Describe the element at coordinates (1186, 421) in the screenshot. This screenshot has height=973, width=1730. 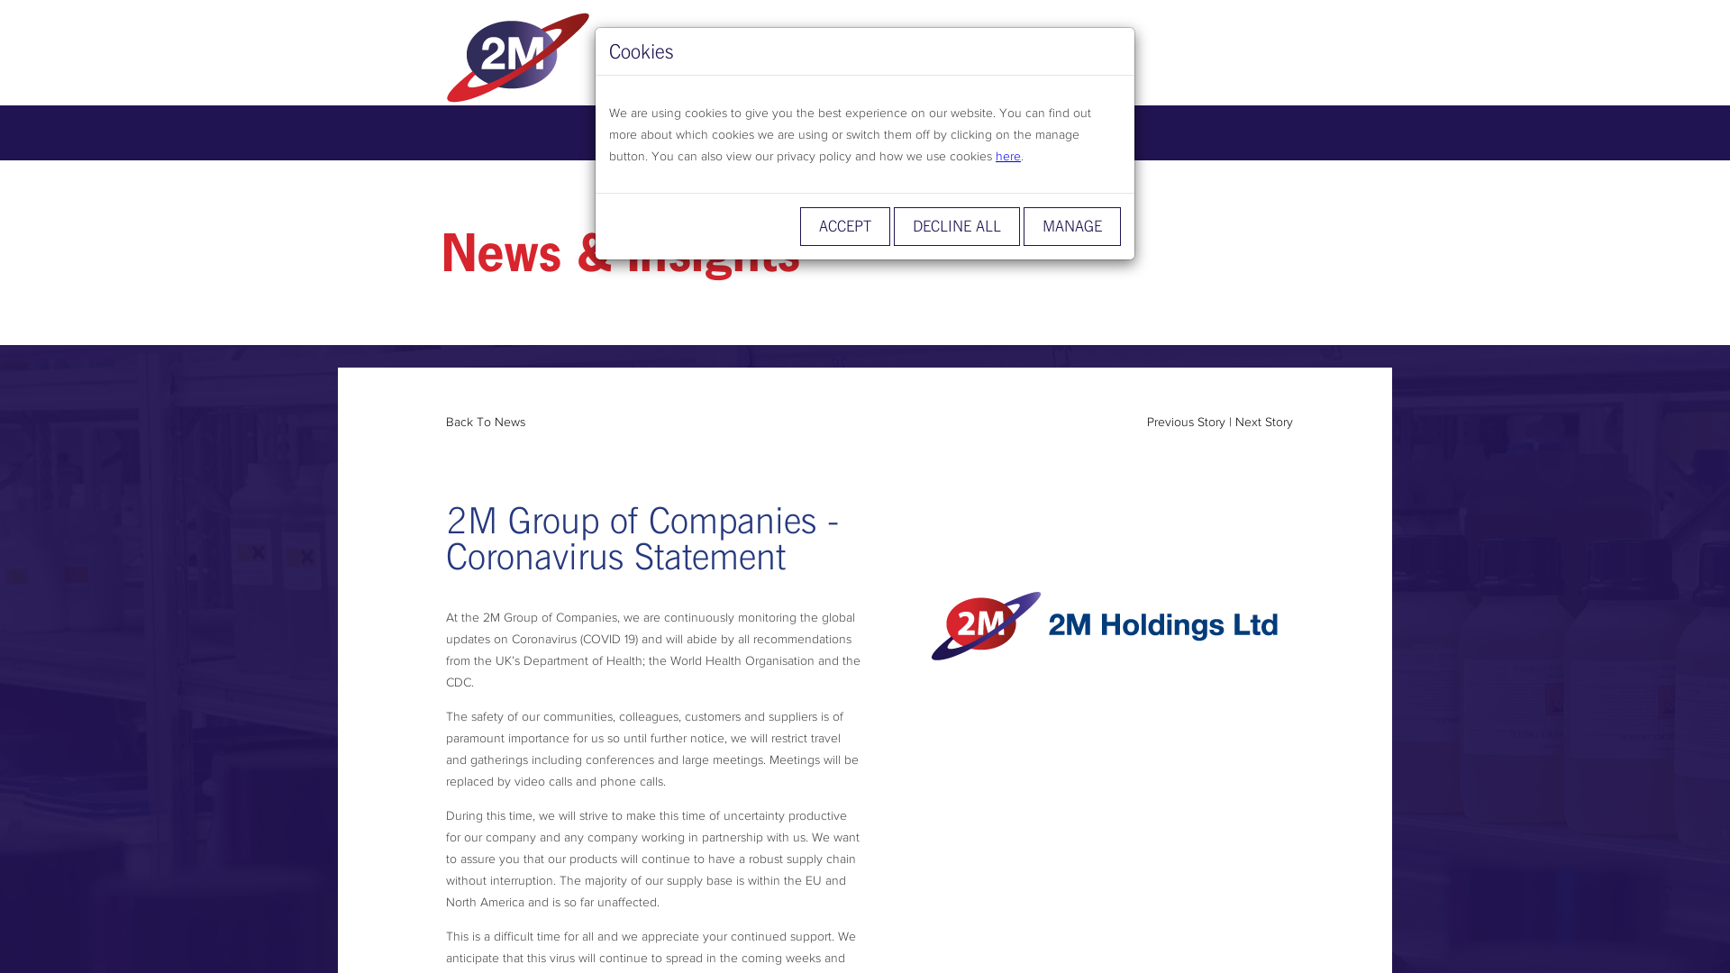
I see `'Previous Story'` at that location.